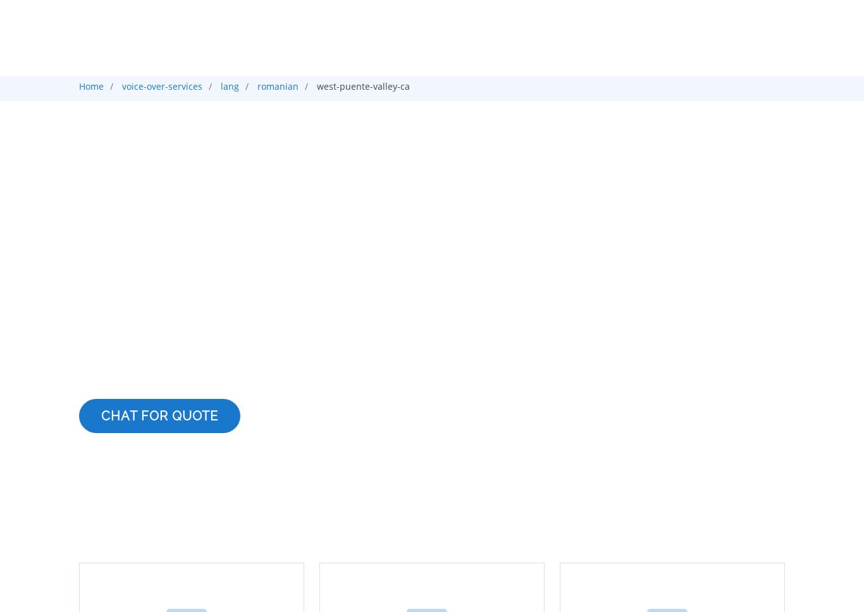  What do you see at coordinates (78, 441) in the screenshot?
I see `'Professional Voice Talent for Your Romanian Voice Over Services'` at bounding box center [78, 441].